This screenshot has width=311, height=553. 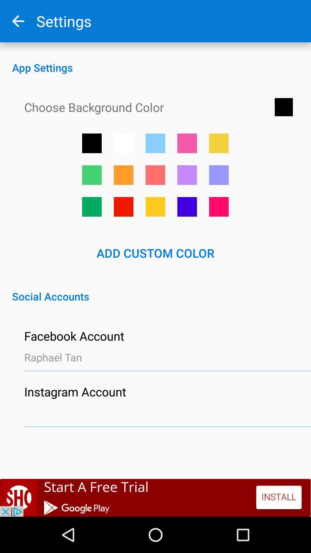 What do you see at coordinates (123, 175) in the screenshot?
I see `orange` at bounding box center [123, 175].